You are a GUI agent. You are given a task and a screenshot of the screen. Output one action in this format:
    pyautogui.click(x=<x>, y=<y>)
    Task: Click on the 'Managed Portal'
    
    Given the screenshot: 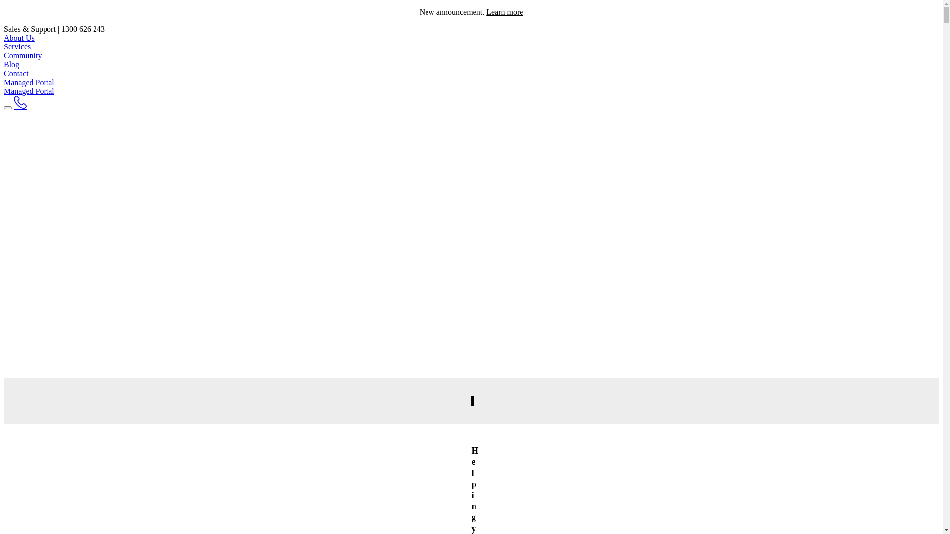 What is the action you would take?
    pyautogui.click(x=4, y=91)
    